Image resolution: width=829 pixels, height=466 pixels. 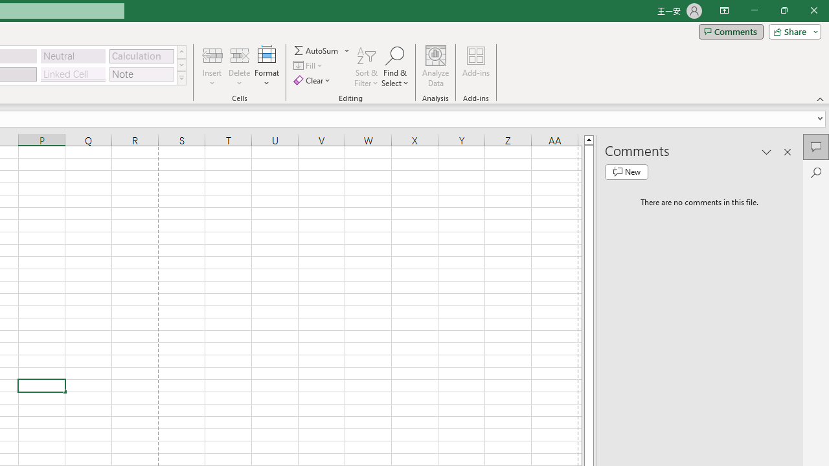 What do you see at coordinates (626, 172) in the screenshot?
I see `'New comment'` at bounding box center [626, 172].